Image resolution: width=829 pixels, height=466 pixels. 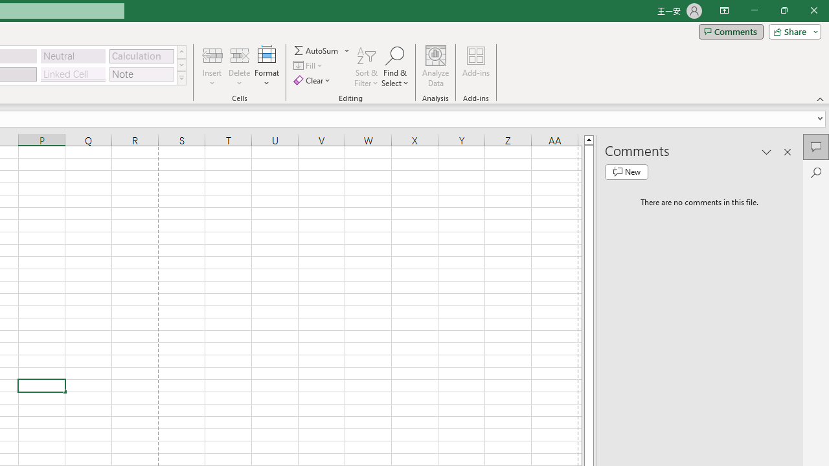 What do you see at coordinates (626, 172) in the screenshot?
I see `'New comment'` at bounding box center [626, 172].